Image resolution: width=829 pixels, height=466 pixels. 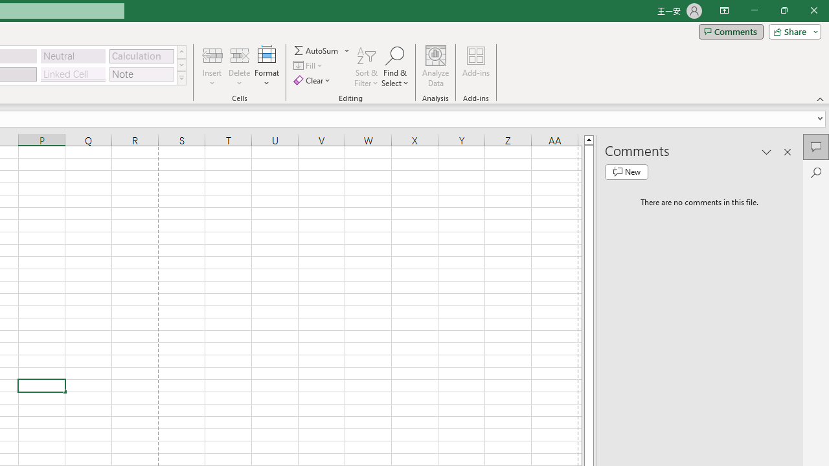 What do you see at coordinates (626, 172) in the screenshot?
I see `'New comment'` at bounding box center [626, 172].